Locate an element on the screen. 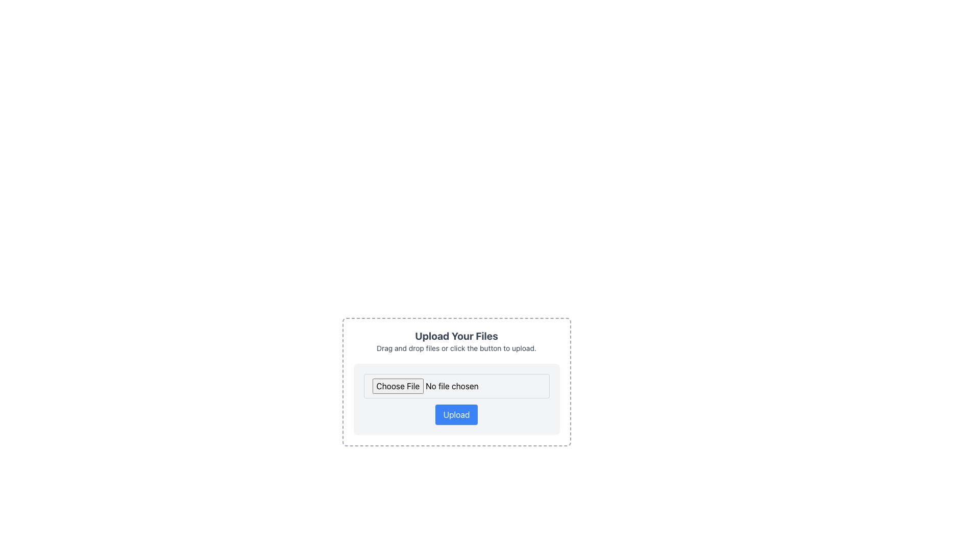 This screenshot has height=551, width=980. the submission button located at the bottom-center of the form, aligned horizontally with the file input field, to initiate the file upload process after a file is selected is located at coordinates (456, 415).